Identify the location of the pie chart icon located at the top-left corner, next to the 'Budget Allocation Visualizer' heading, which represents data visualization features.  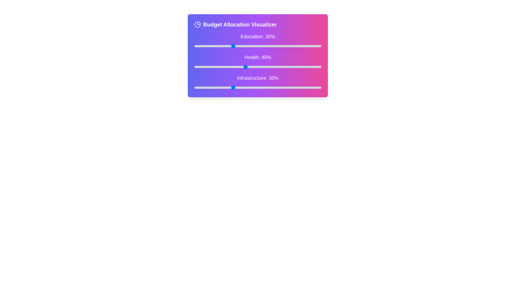
(197, 25).